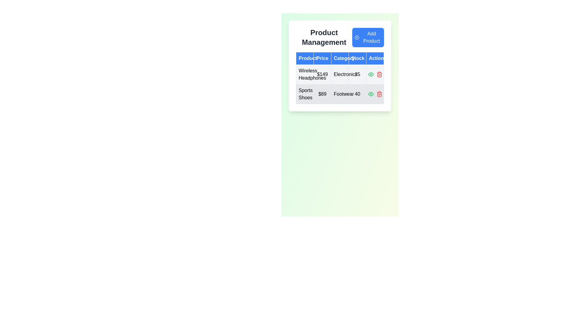  What do you see at coordinates (305, 58) in the screenshot?
I see `the contents of the header label indicating product names in the top-left corner of the table's header row` at bounding box center [305, 58].